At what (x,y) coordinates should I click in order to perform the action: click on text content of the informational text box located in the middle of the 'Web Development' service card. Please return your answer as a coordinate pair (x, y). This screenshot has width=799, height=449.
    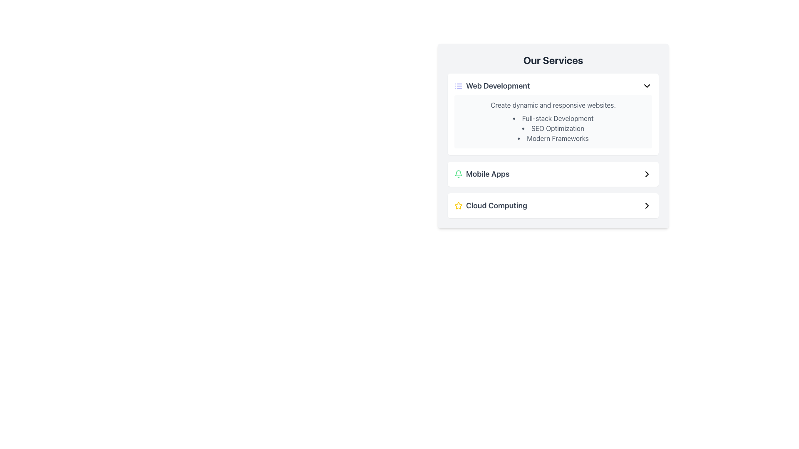
    Looking at the image, I should click on (553, 122).